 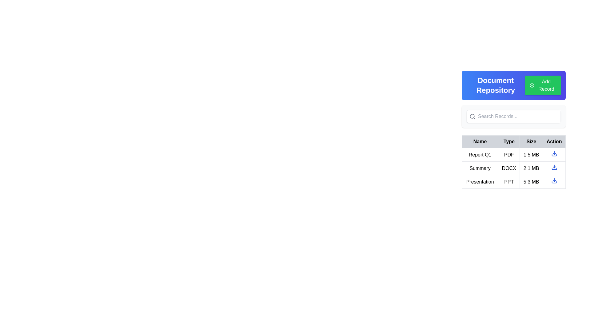 What do you see at coordinates (480, 142) in the screenshot?
I see `the 'Name' text label in the table header, which is the first cell containing bold black text on a light gray background` at bounding box center [480, 142].